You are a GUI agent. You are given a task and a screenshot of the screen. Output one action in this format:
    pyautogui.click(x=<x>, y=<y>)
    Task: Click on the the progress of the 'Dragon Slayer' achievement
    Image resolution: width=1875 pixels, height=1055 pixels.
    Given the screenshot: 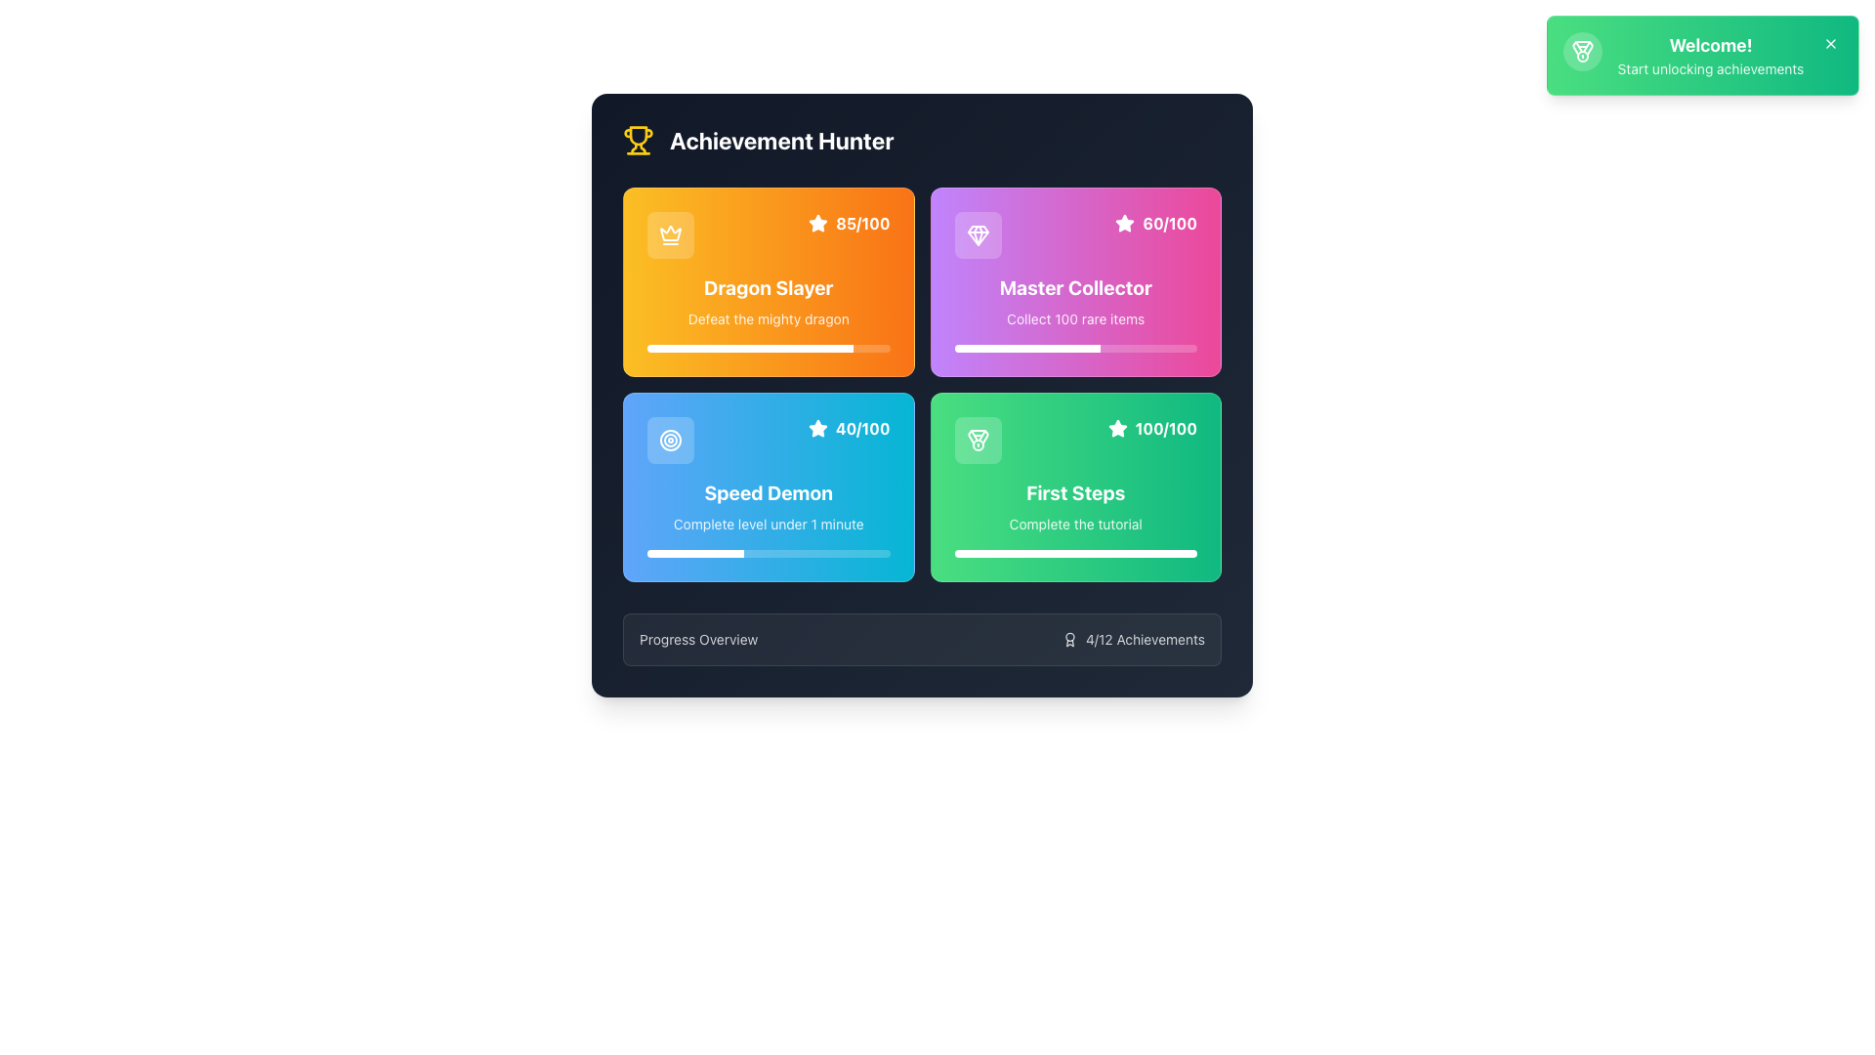 What is the action you would take?
    pyautogui.click(x=716, y=348)
    